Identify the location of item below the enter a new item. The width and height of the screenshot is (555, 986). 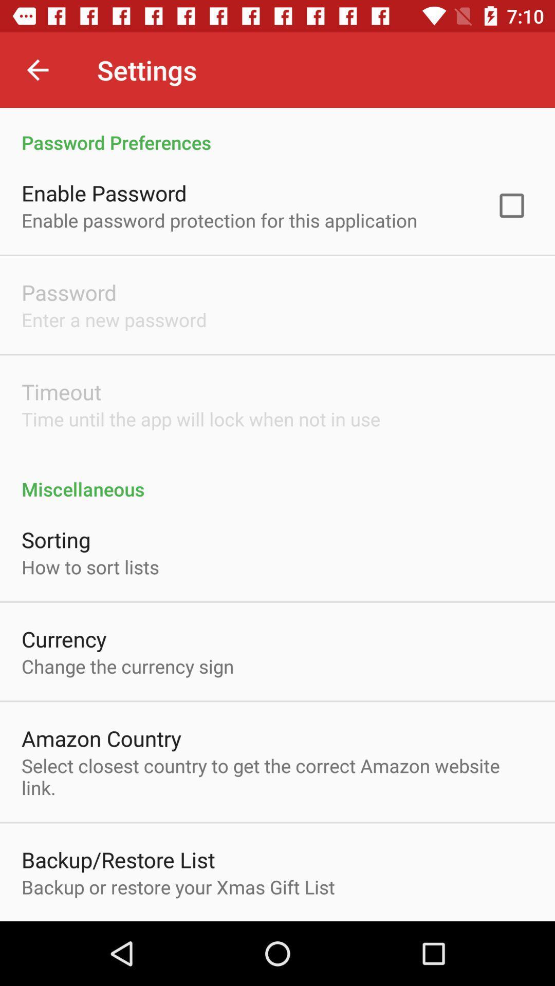
(61, 391).